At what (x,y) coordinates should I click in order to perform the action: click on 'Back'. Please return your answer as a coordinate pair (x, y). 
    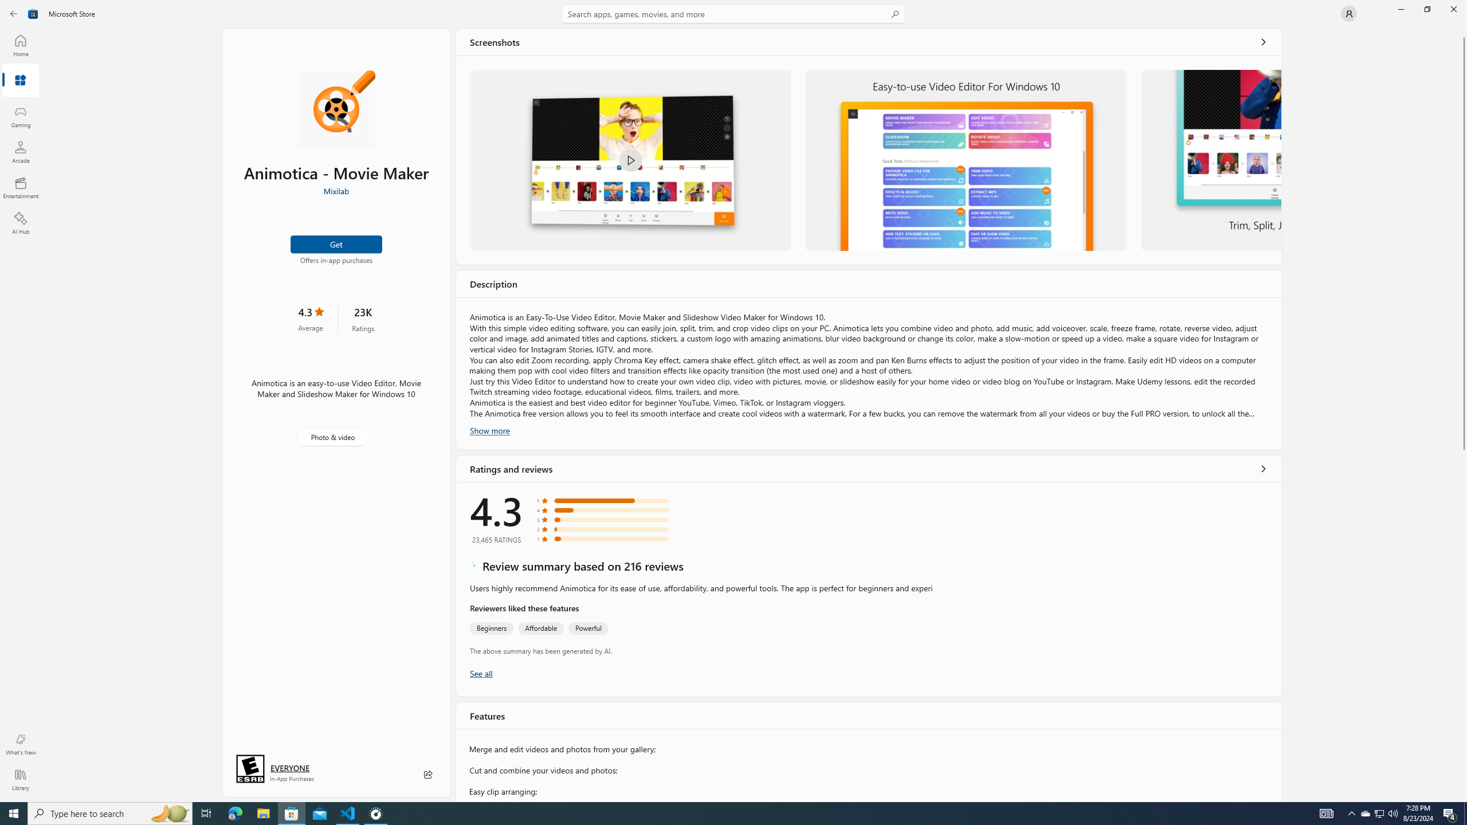
    Looking at the image, I should click on (14, 13).